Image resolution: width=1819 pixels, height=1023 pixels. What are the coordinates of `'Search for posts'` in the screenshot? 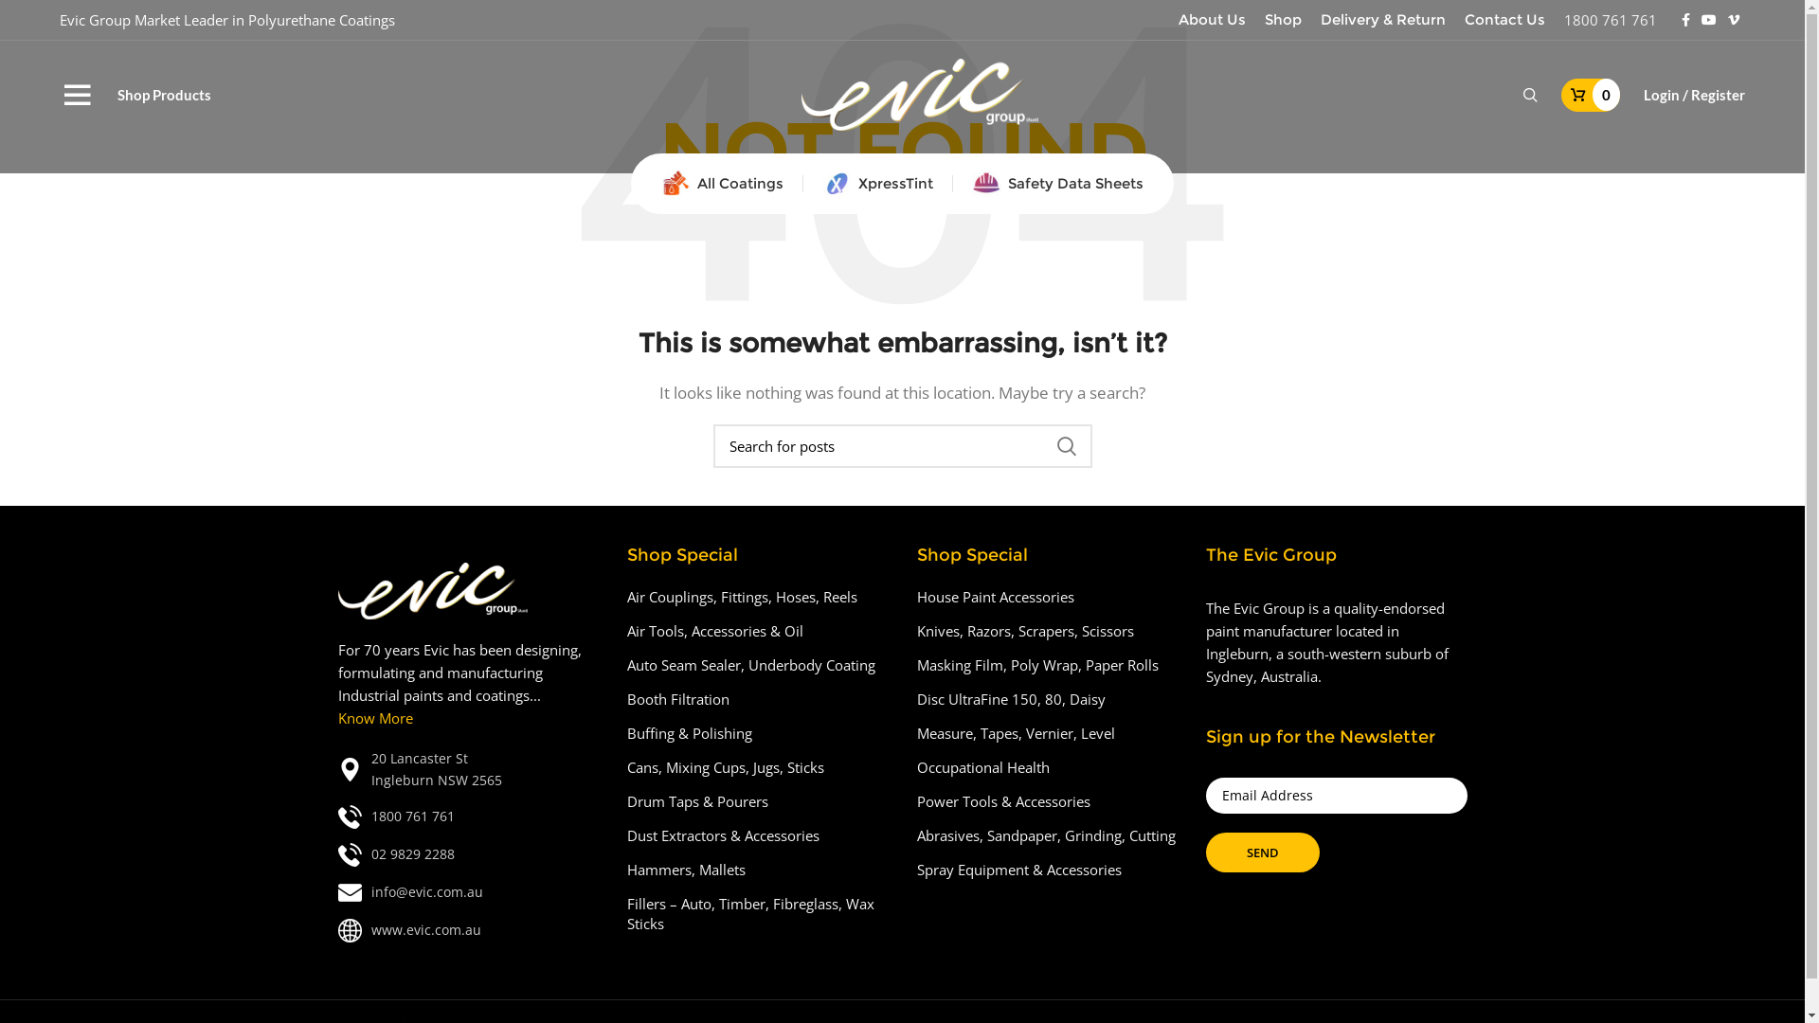 It's located at (711, 445).